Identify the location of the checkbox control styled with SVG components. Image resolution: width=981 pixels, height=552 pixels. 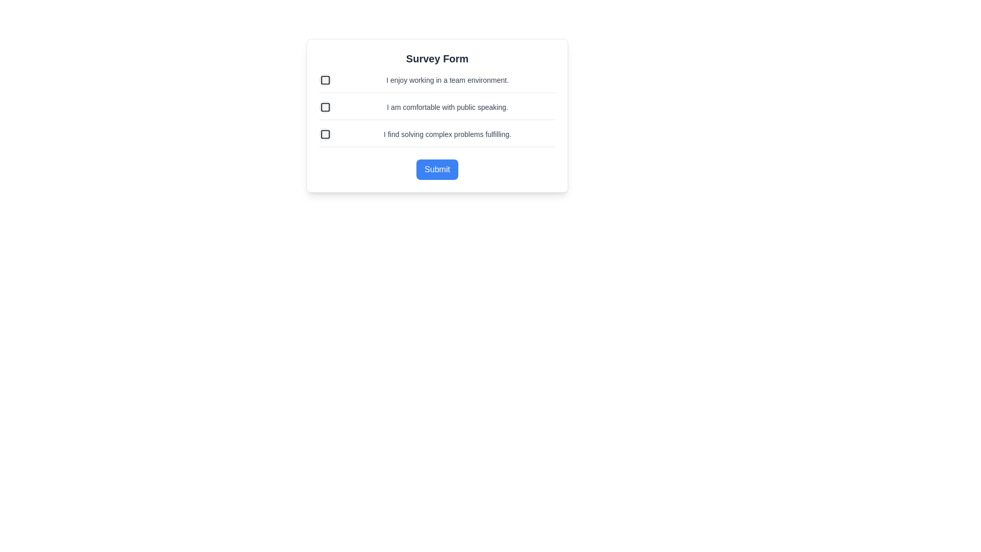
(325, 80).